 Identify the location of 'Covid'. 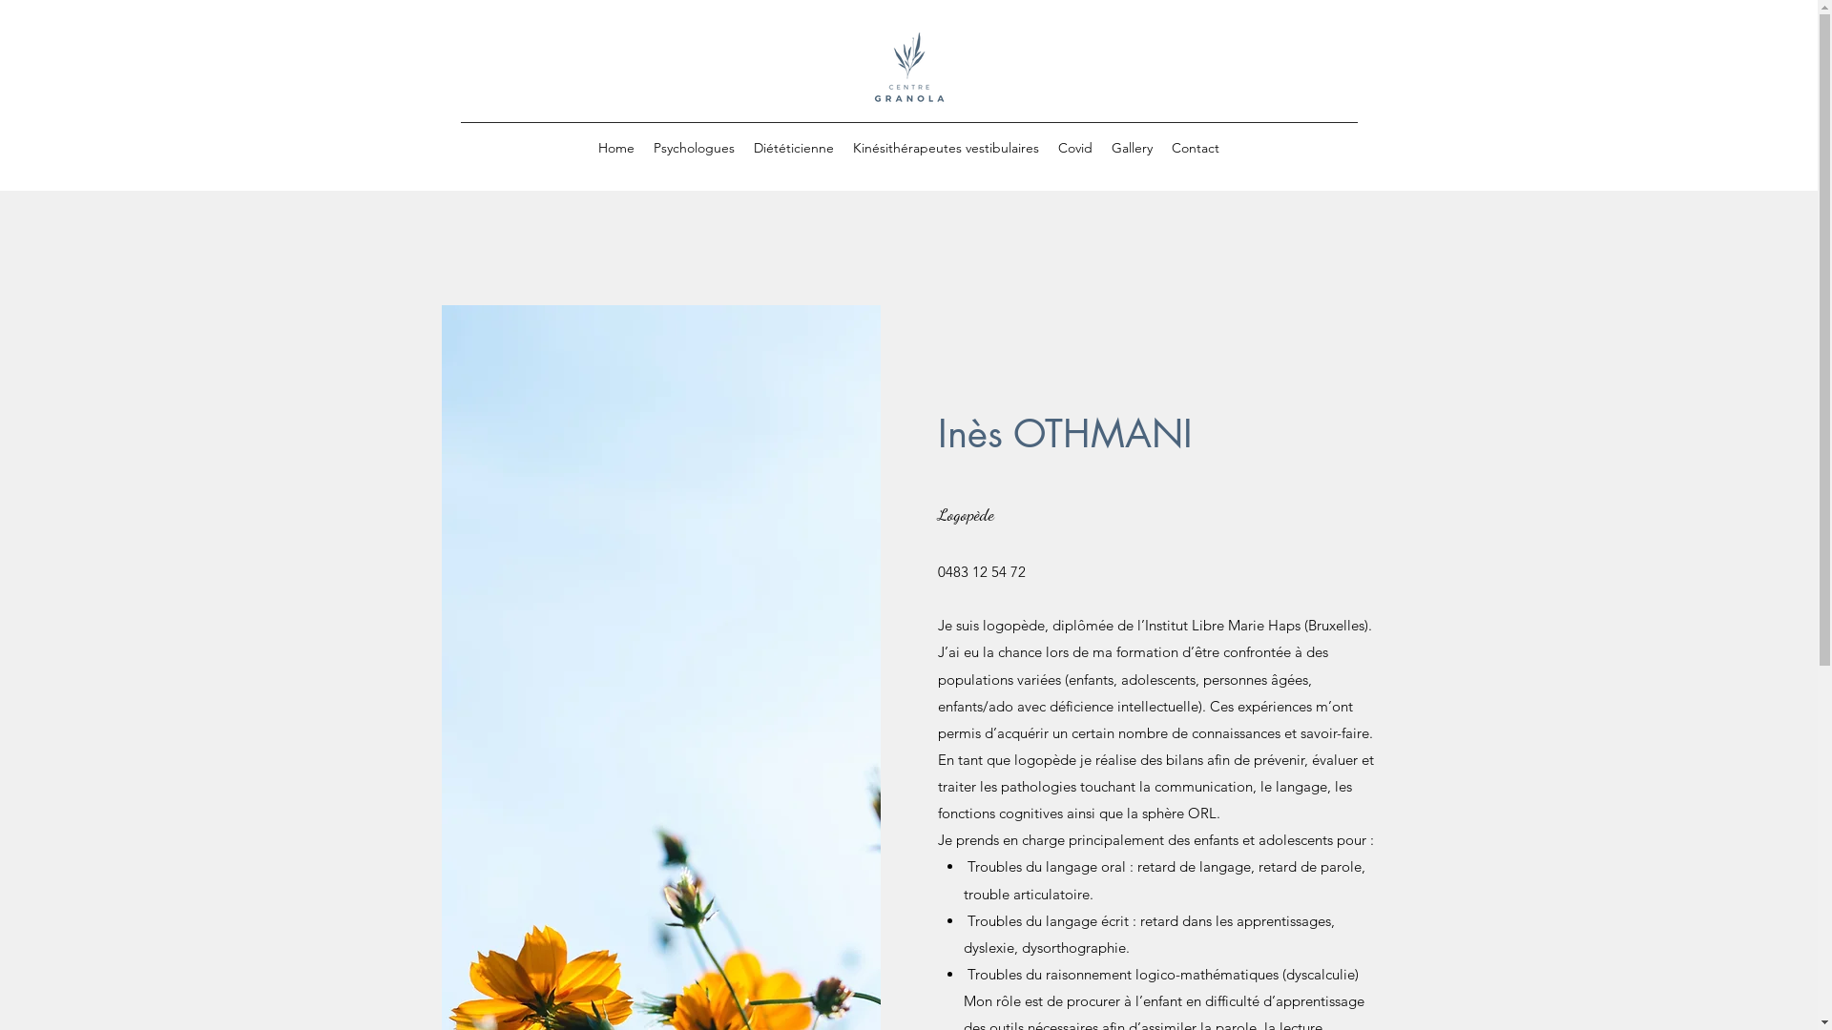
(1075, 146).